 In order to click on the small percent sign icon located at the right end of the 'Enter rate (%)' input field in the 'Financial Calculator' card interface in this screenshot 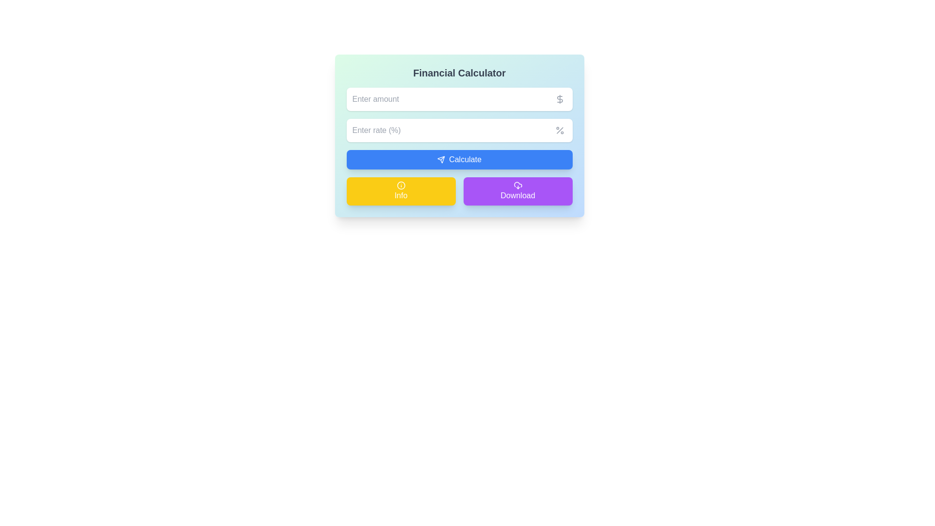, I will do `click(560, 130)`.